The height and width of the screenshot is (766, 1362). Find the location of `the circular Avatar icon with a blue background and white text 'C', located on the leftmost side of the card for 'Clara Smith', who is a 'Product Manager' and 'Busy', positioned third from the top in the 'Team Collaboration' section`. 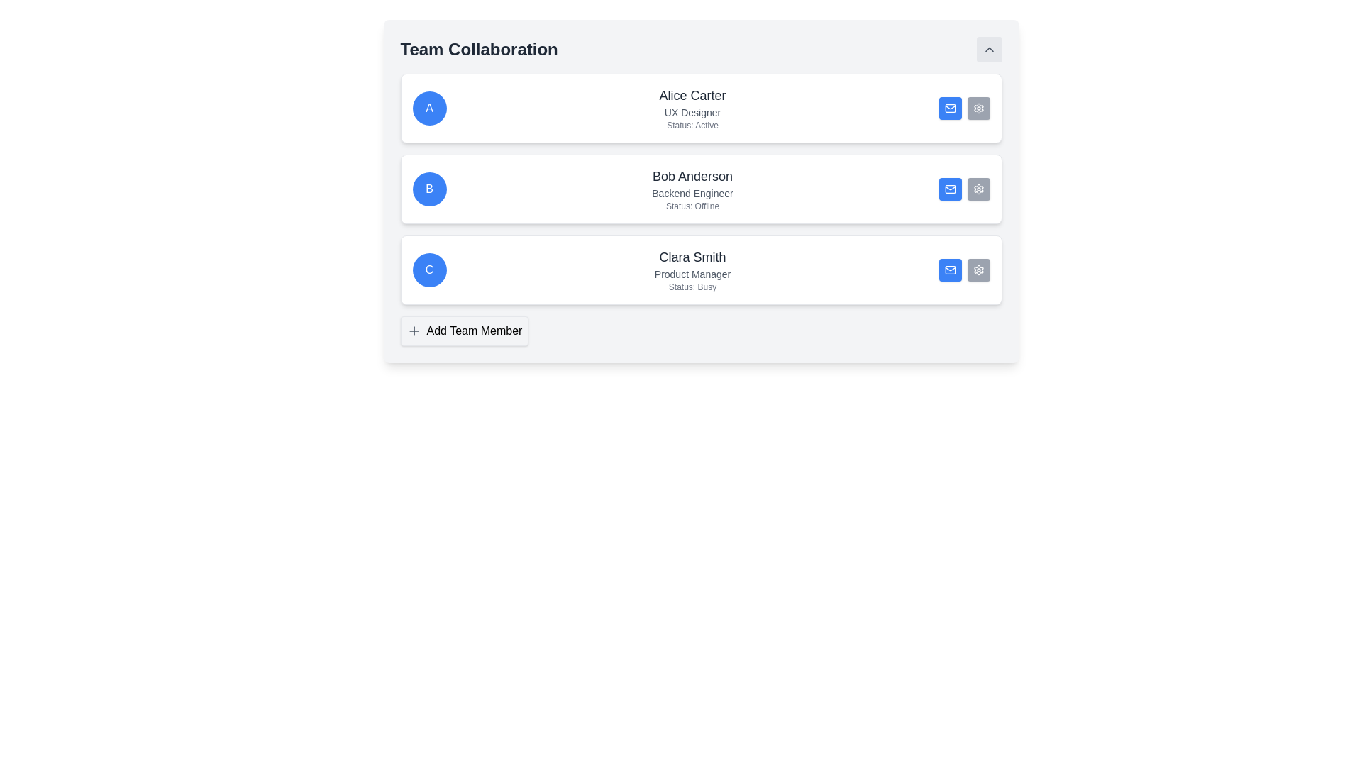

the circular Avatar icon with a blue background and white text 'C', located on the leftmost side of the card for 'Clara Smith', who is a 'Product Manager' and 'Busy', positioned third from the top in the 'Team Collaboration' section is located at coordinates (428, 270).